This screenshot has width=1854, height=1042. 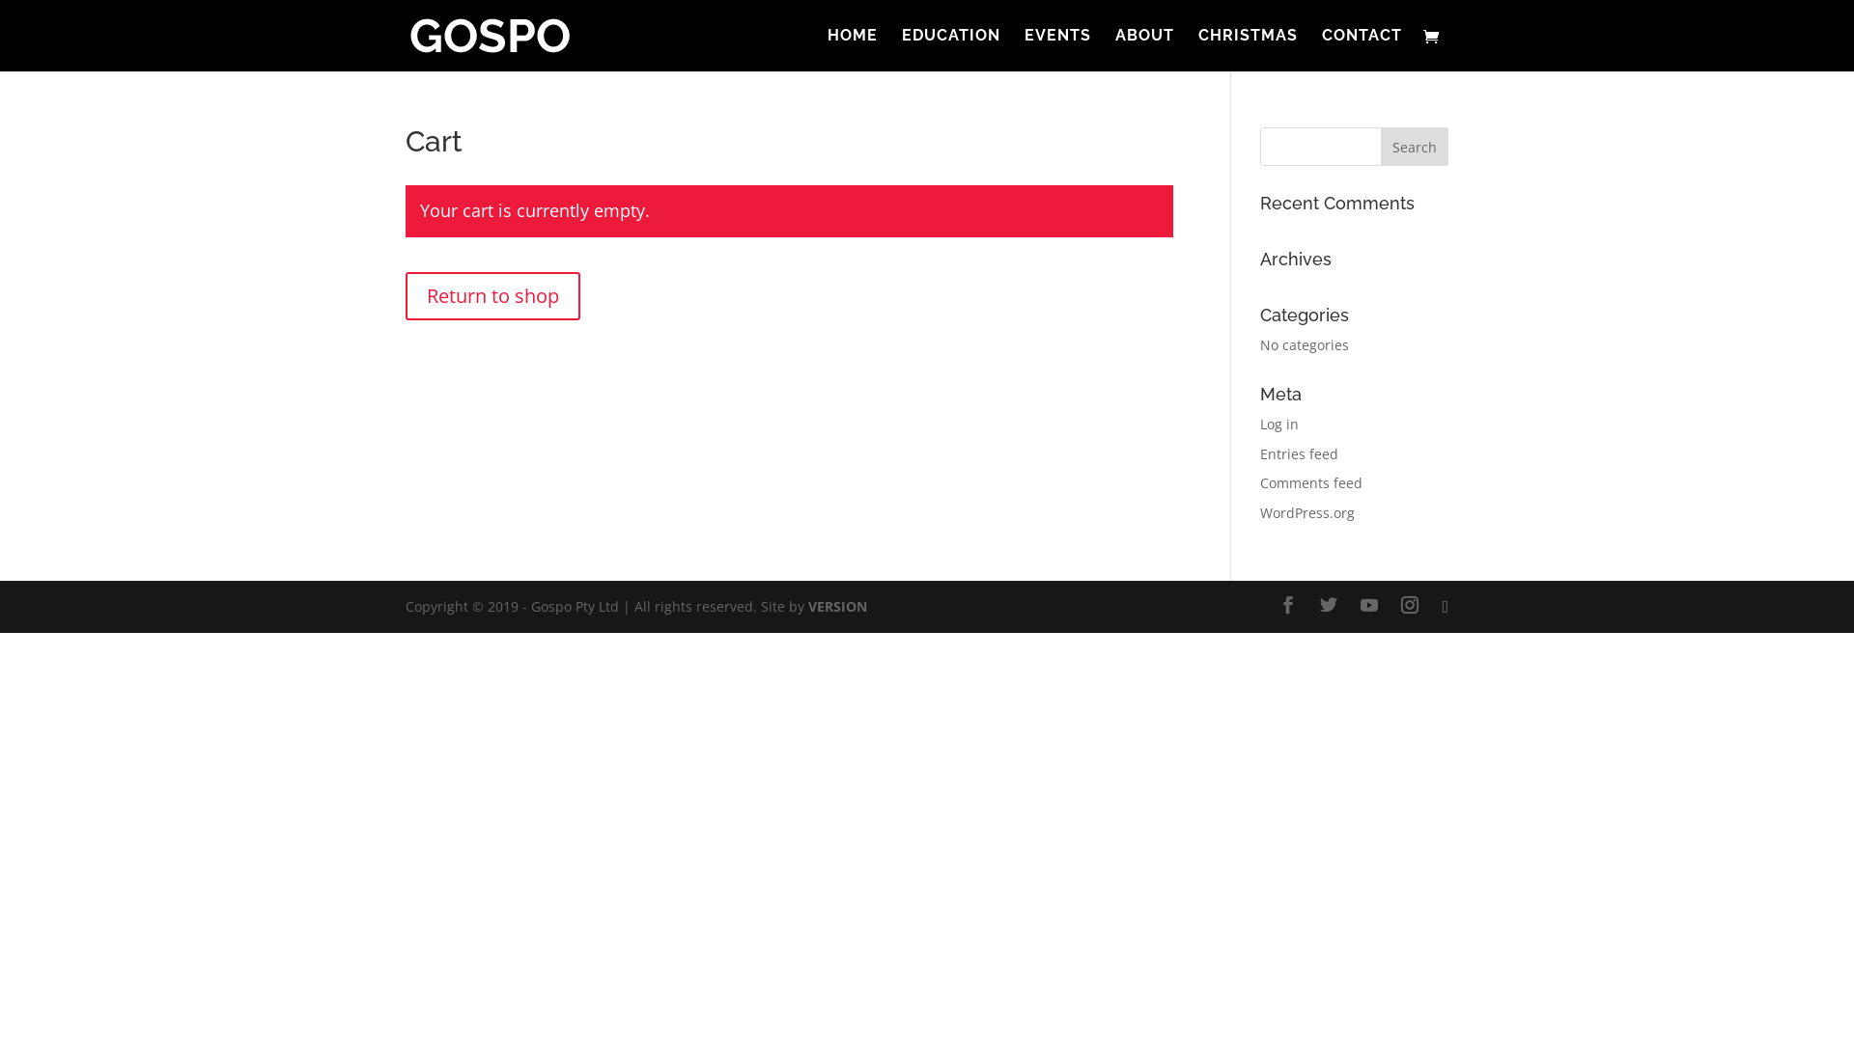 What do you see at coordinates (492, 296) in the screenshot?
I see `'Return to shop'` at bounding box center [492, 296].